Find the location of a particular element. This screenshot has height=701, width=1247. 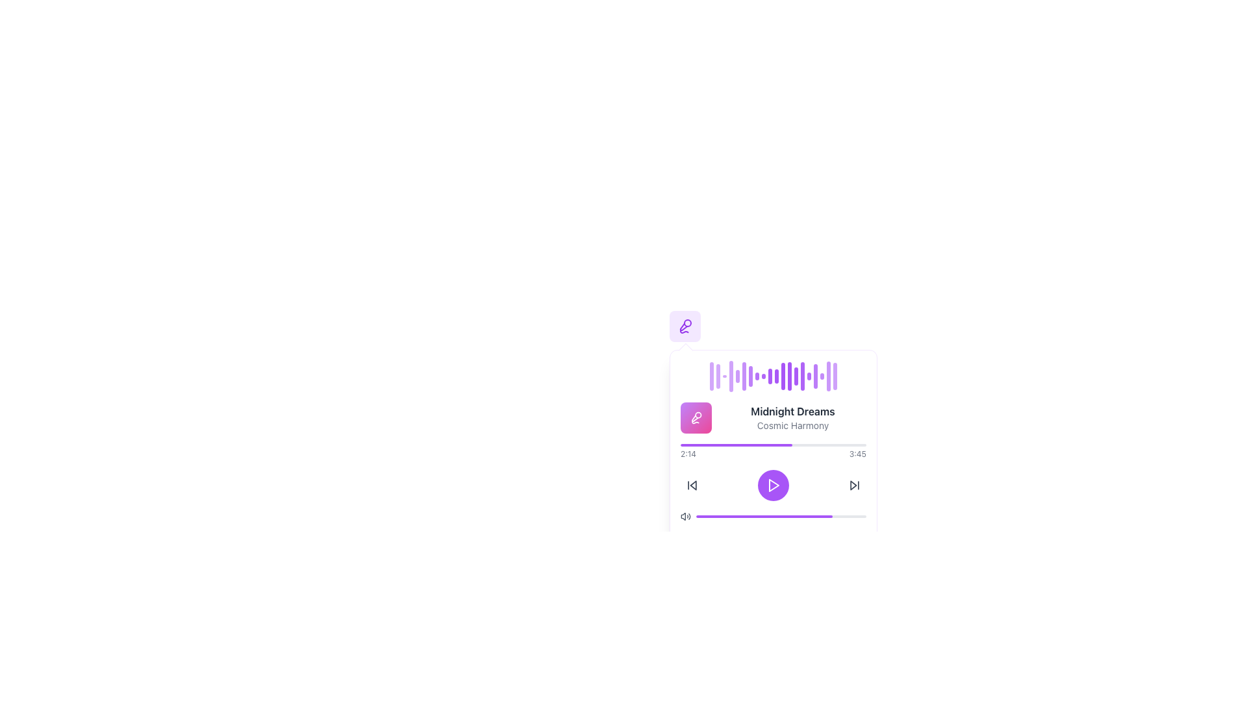

the play button located at the center of a circular purple button in the media player interface to provide visual feedback is located at coordinates (773, 486).